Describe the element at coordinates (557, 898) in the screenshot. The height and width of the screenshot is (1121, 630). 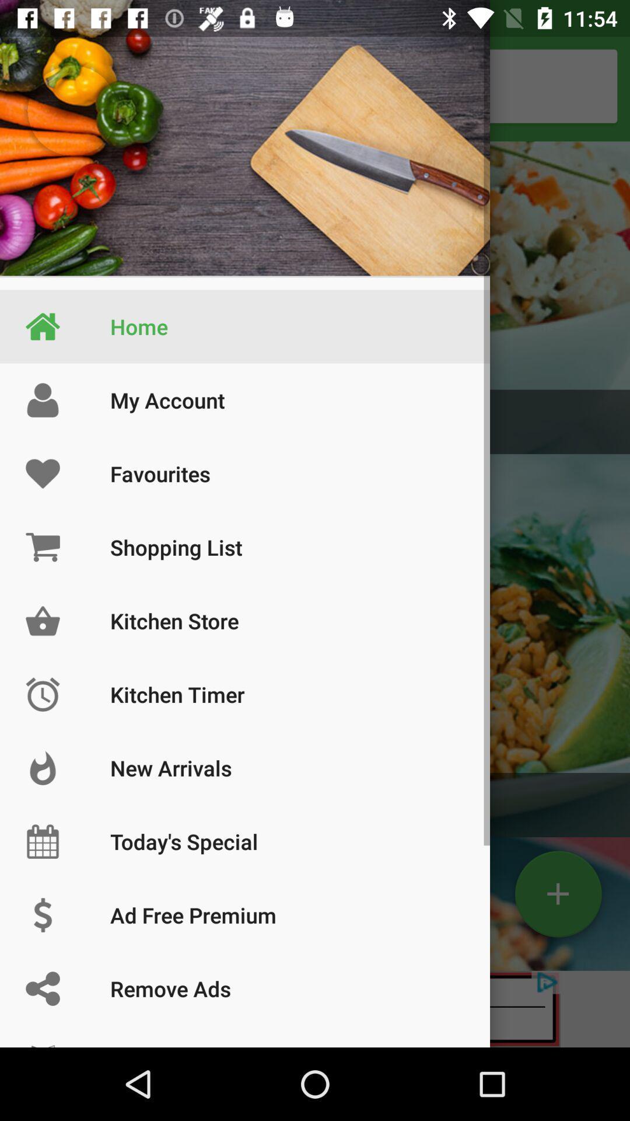
I see `the add icon` at that location.